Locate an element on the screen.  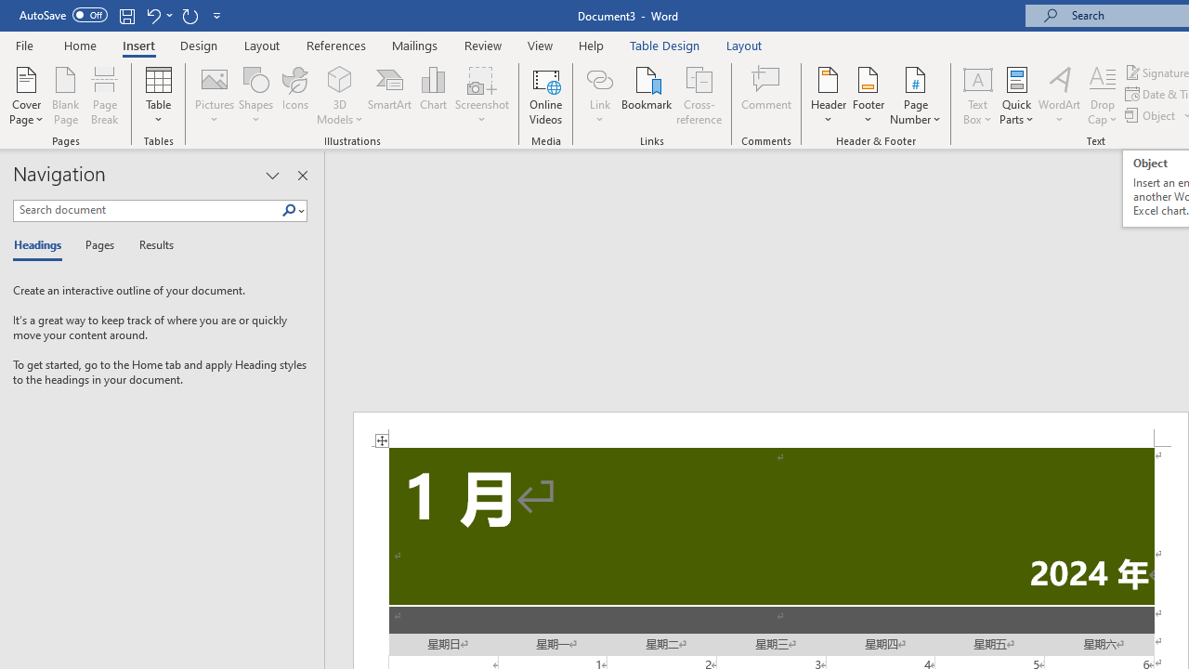
'Link' is located at coordinates (599, 78).